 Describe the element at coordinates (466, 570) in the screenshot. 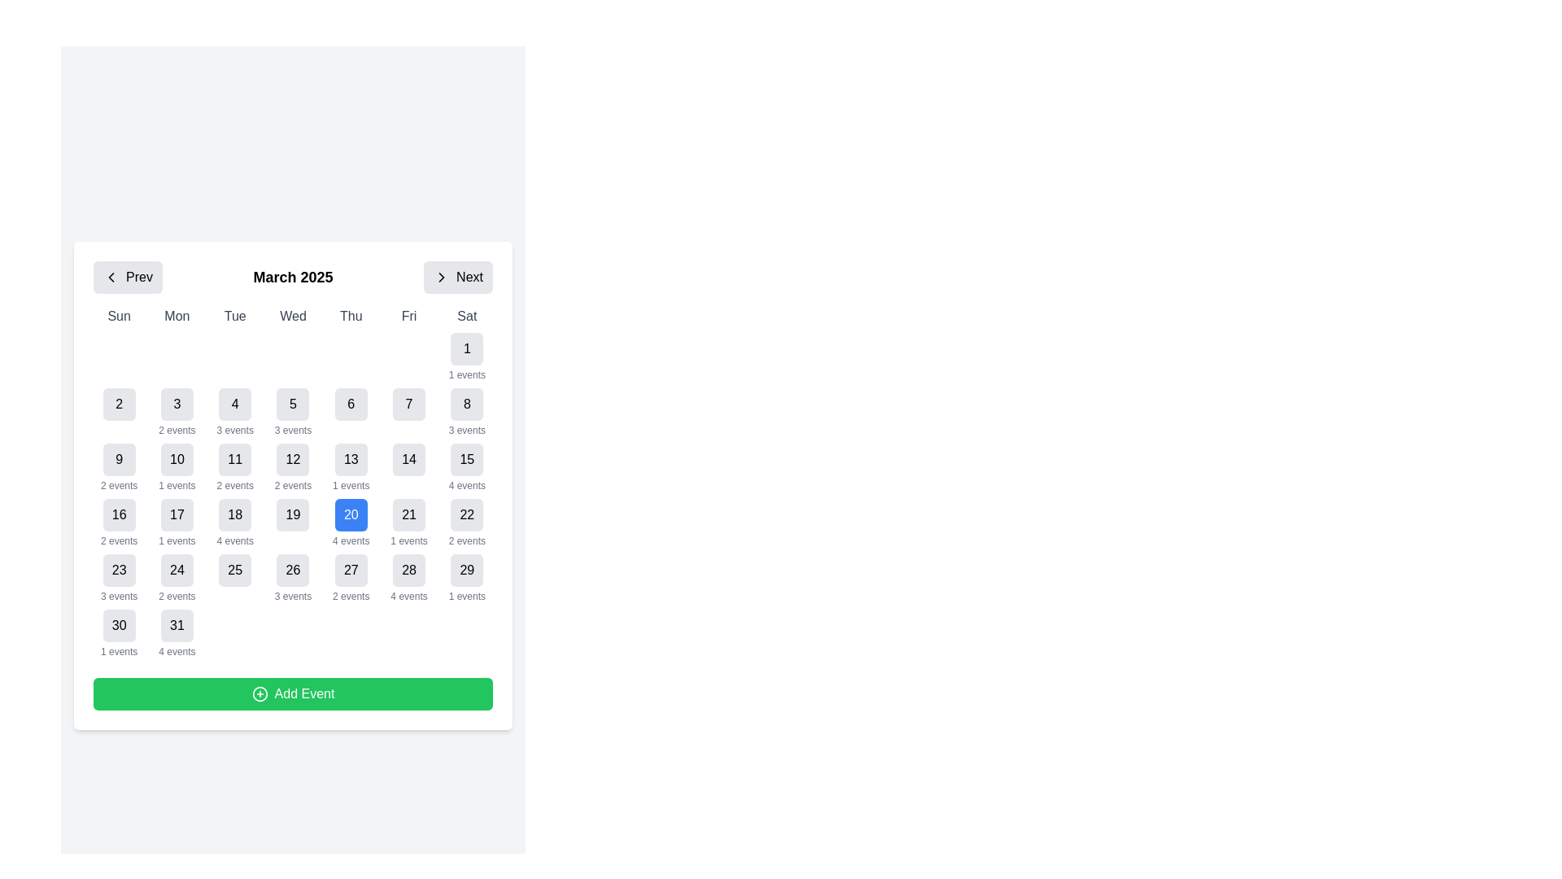

I see `the button representing the date '29' on the calendar` at that location.